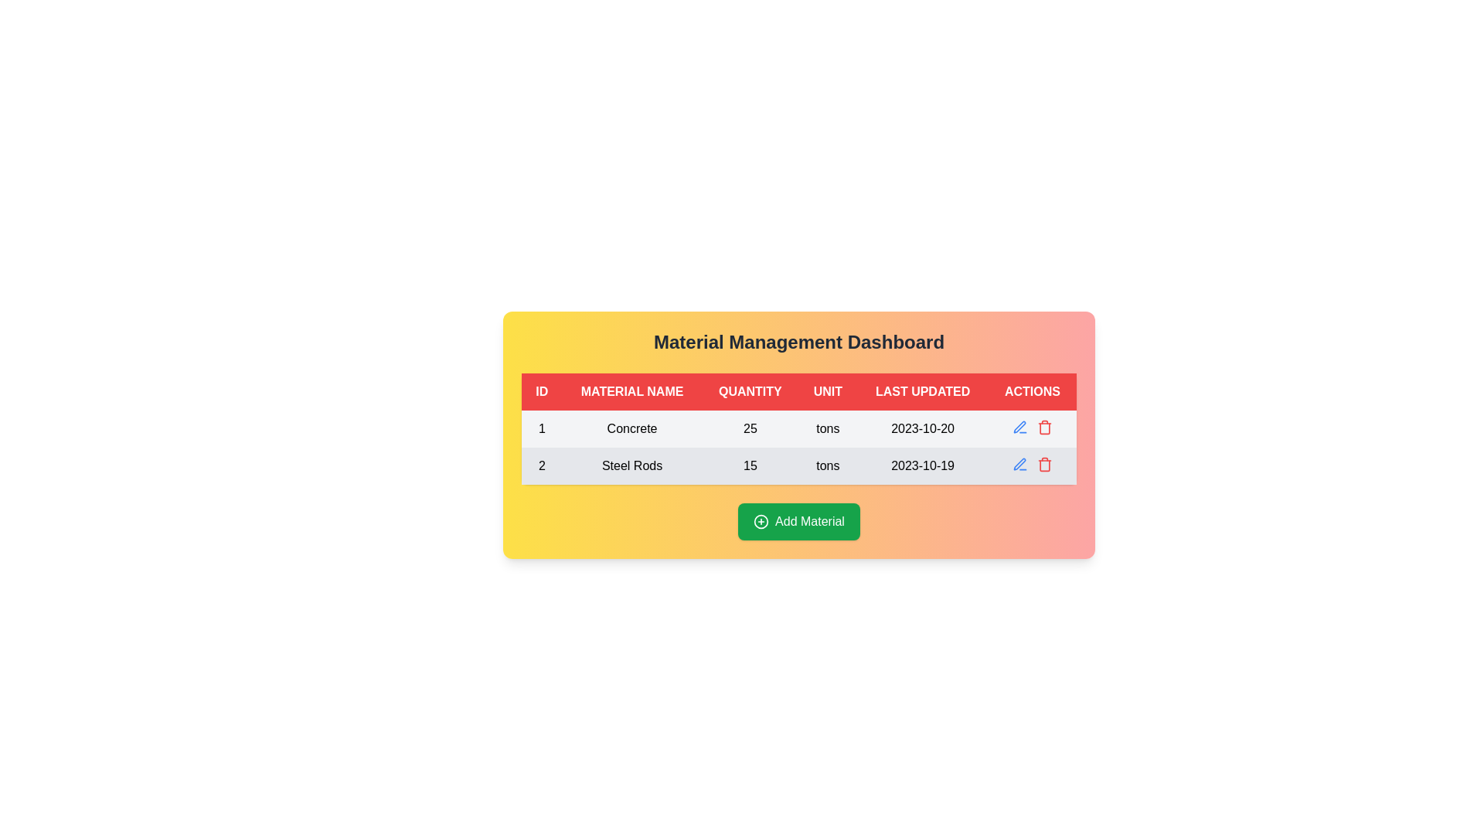 The width and height of the screenshot is (1484, 835). What do you see at coordinates (542, 429) in the screenshot?
I see `numeric identifier from the Text label in the first cell of the first row under the 'ID' column, which corresponds to the material 'Concrete'` at bounding box center [542, 429].